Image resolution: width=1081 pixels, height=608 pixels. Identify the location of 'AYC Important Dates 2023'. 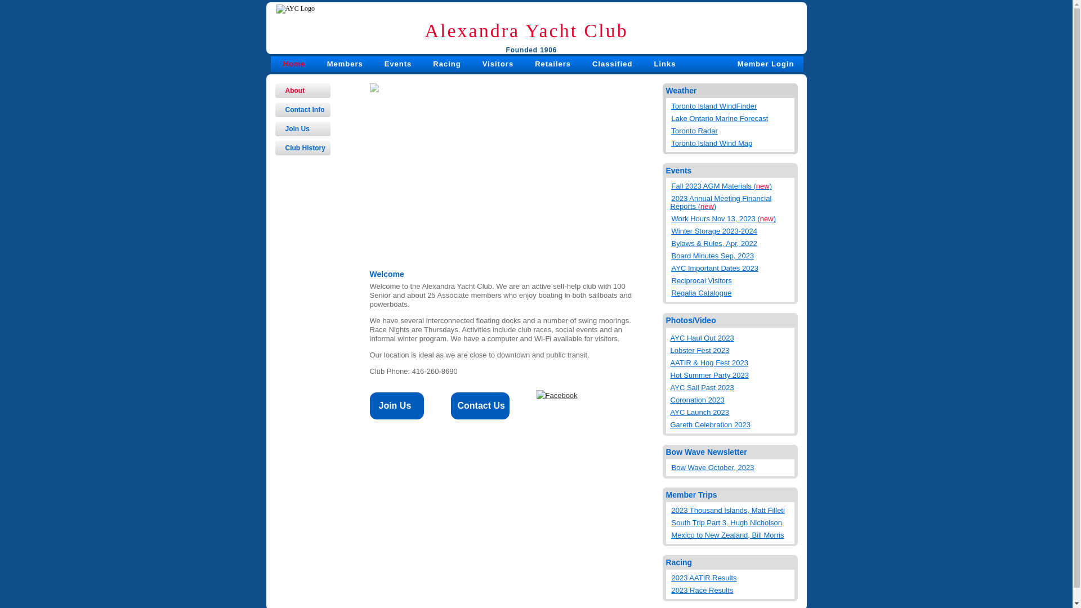
(732, 266).